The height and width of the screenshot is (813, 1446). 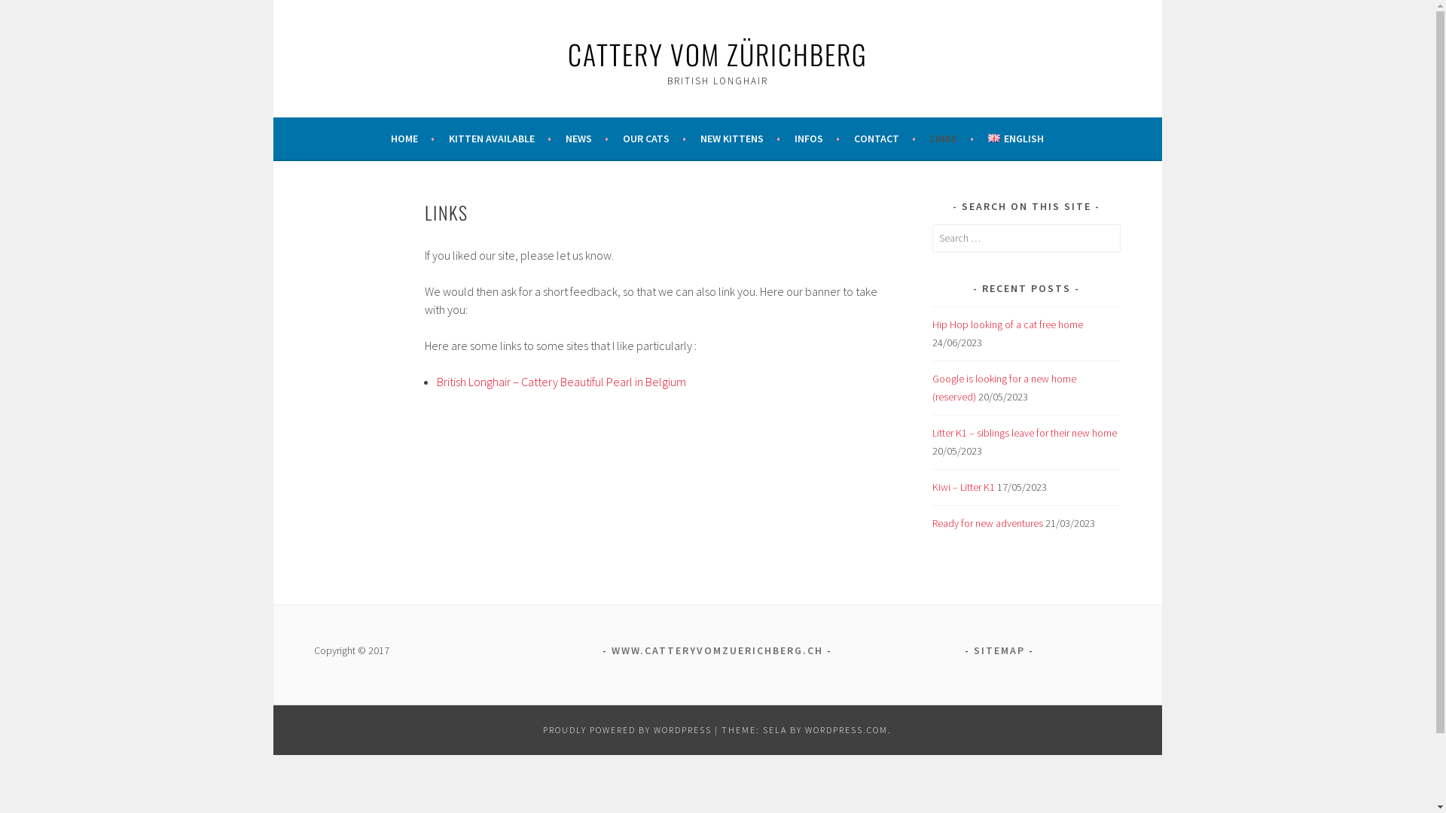 What do you see at coordinates (740, 139) in the screenshot?
I see `'NEW KITTENS'` at bounding box center [740, 139].